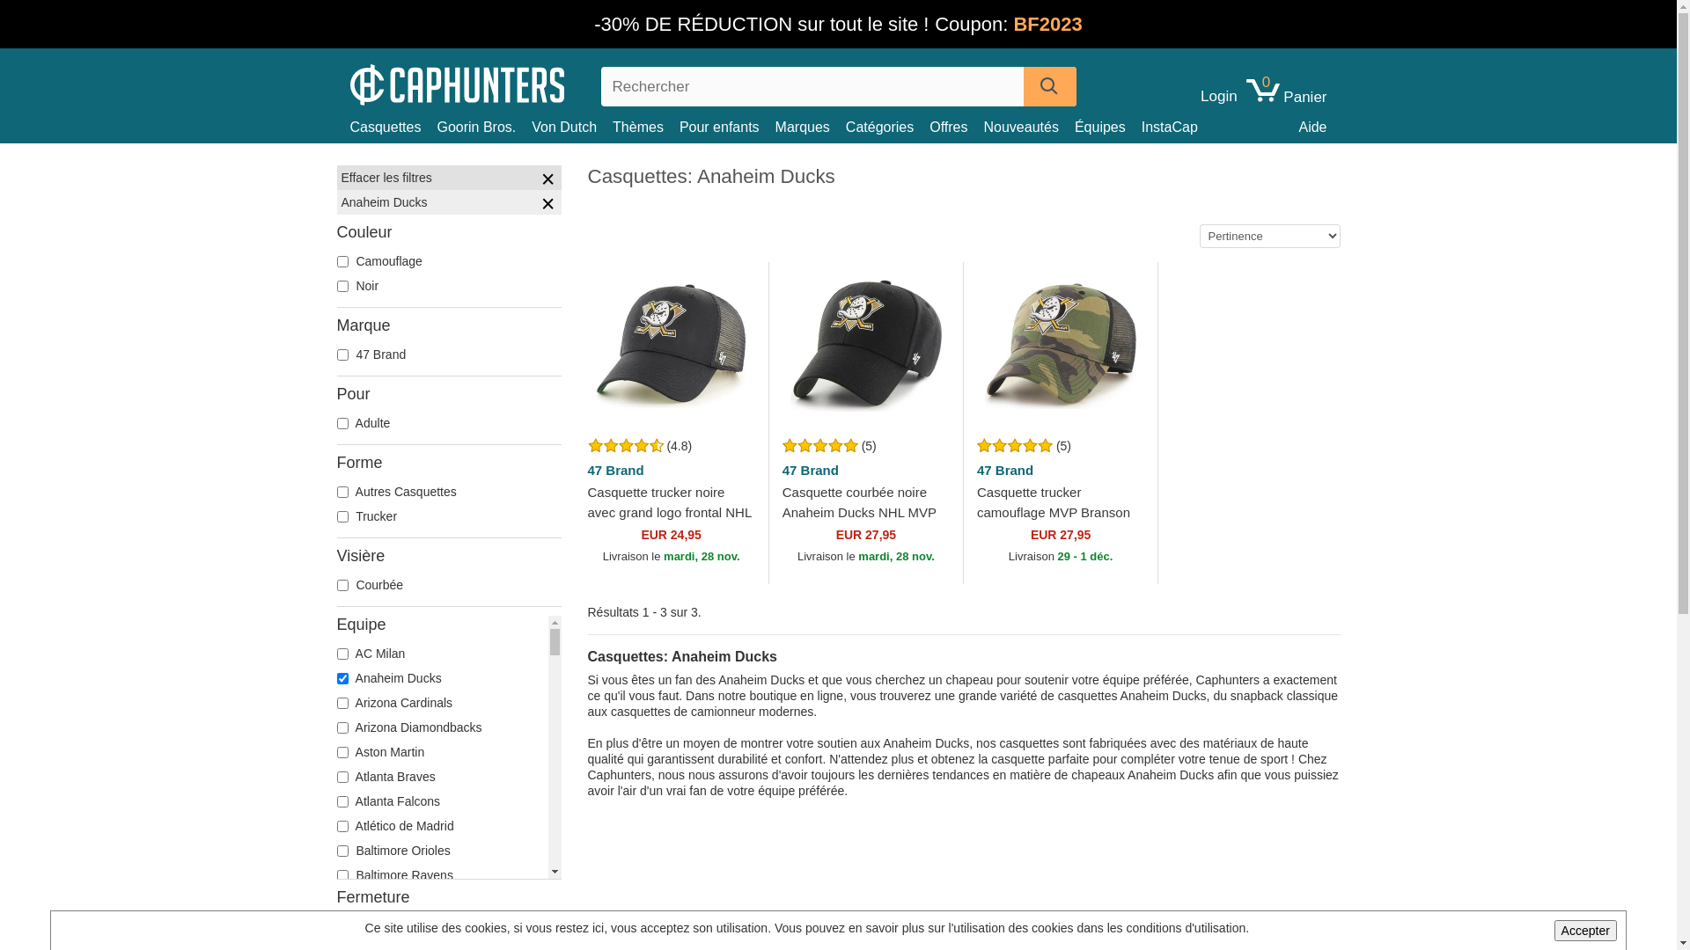 The image size is (1690, 950). I want to click on 'Search', so click(1048, 86).